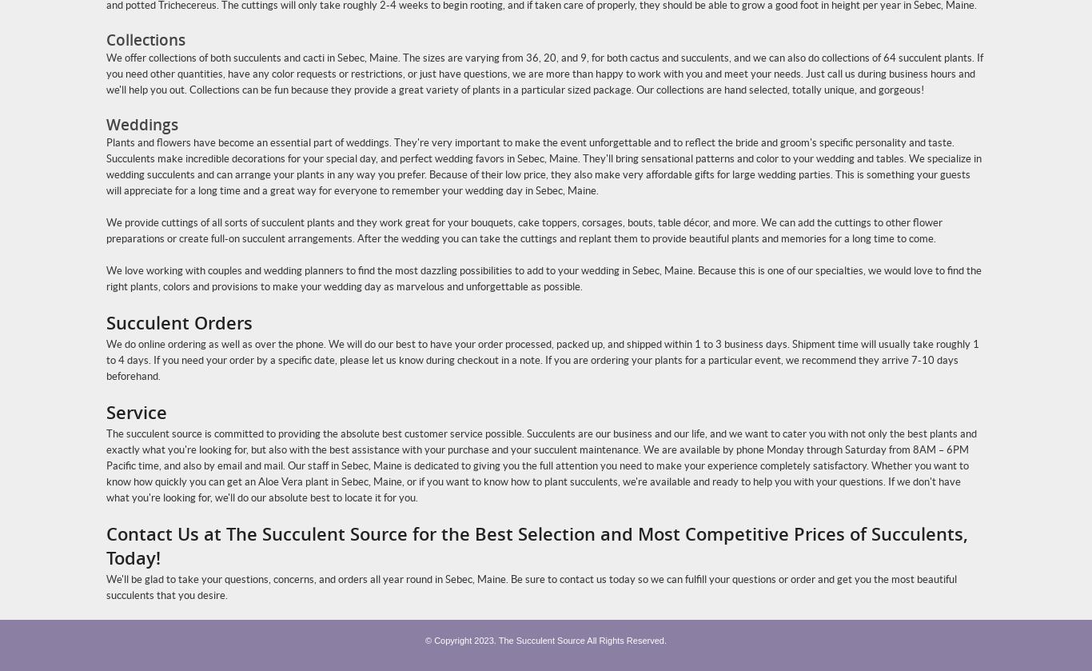 The height and width of the screenshot is (671, 1092). What do you see at coordinates (542, 359) in the screenshot?
I see `'We do online ordering as well as over the phone. We will do our best to have your order processed, packed up, and shipped within 1 to 3 business days. Shipment time will usually take roughly 1 to 4 days. If you need your order by a specific date, please let us know during checkout in a note. If you are ordering your plants for a particular event, we recommend they arrive 7-10 days beforehand.'` at bounding box center [542, 359].